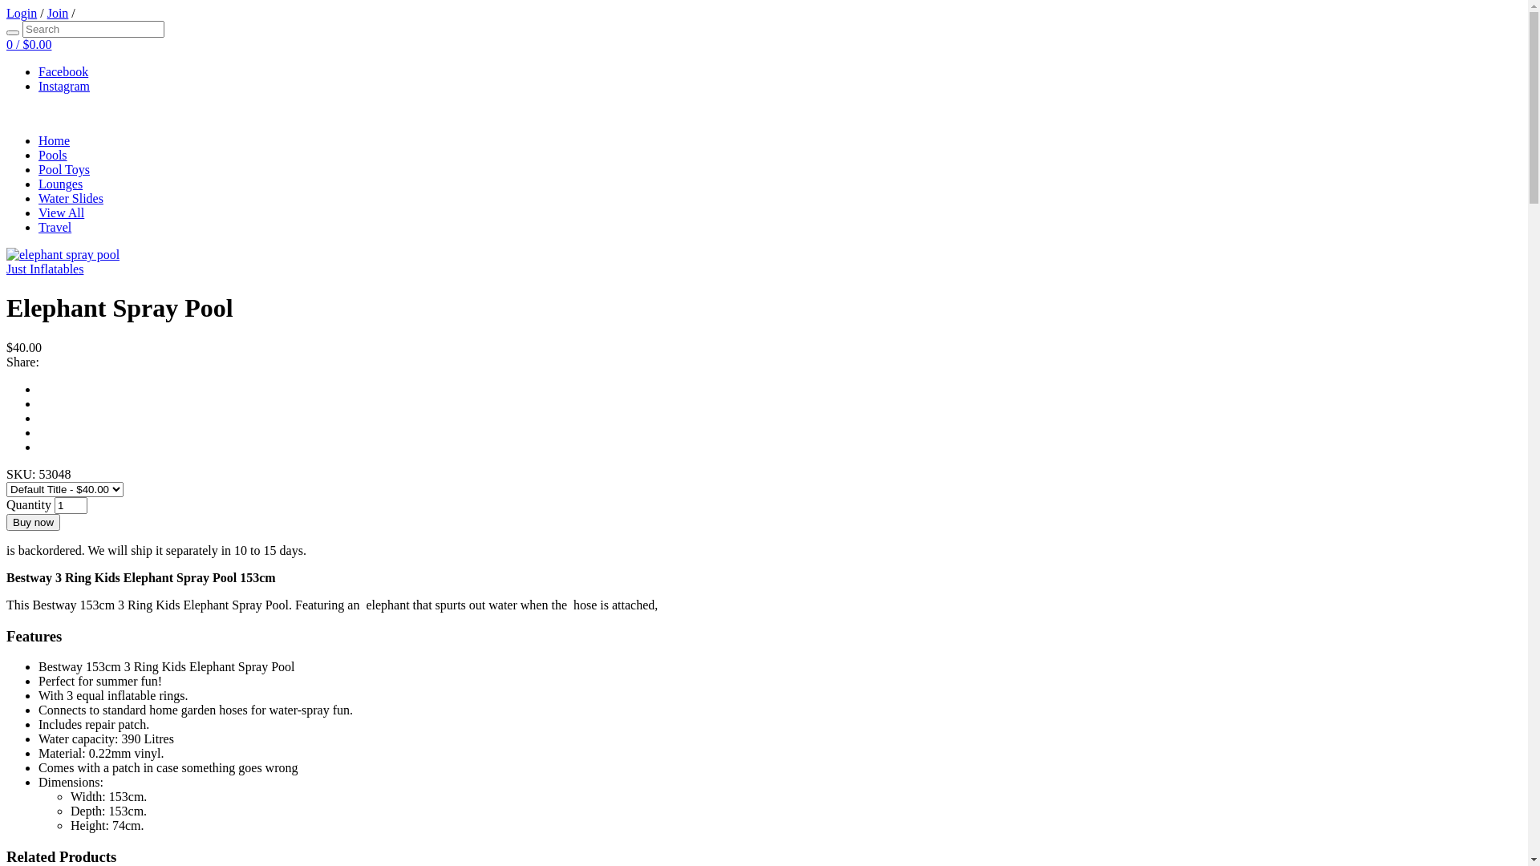 The width and height of the screenshot is (1540, 866). I want to click on 'elephant spray pool', so click(63, 253).